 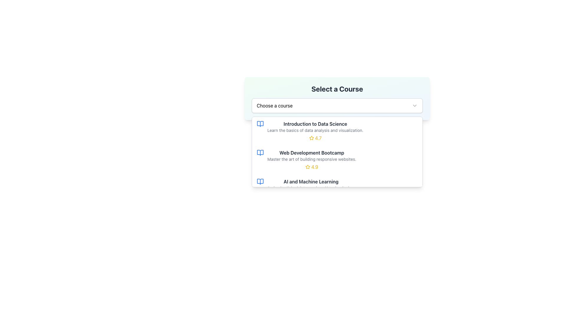 What do you see at coordinates (311, 189) in the screenshot?
I see `the course option titled 'AI and Machine Learning' in the dropdown list under 'Select a Course'` at bounding box center [311, 189].